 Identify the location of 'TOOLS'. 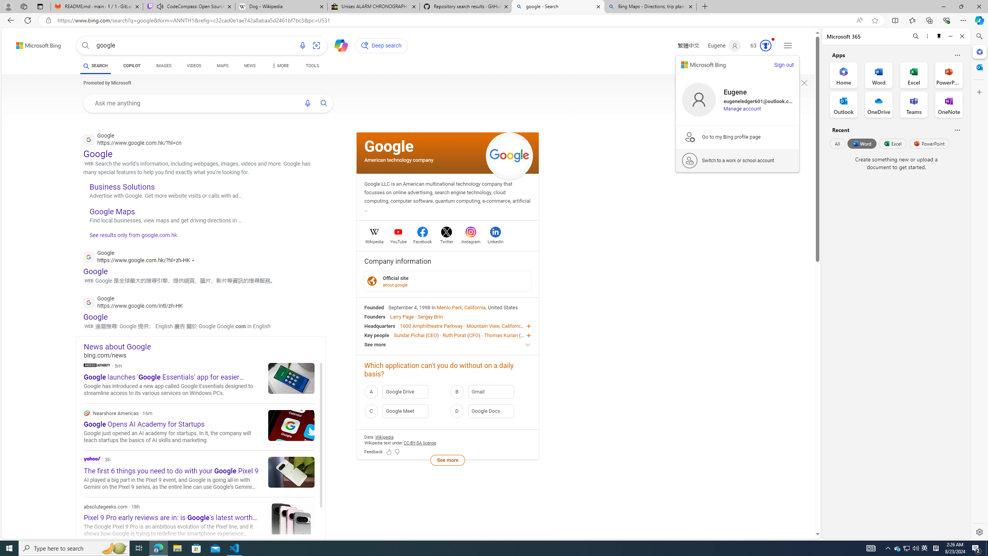
(313, 66).